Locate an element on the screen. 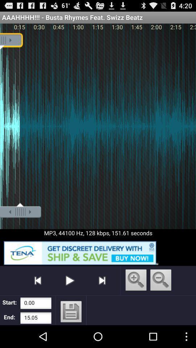  the play icon is located at coordinates (70, 300).